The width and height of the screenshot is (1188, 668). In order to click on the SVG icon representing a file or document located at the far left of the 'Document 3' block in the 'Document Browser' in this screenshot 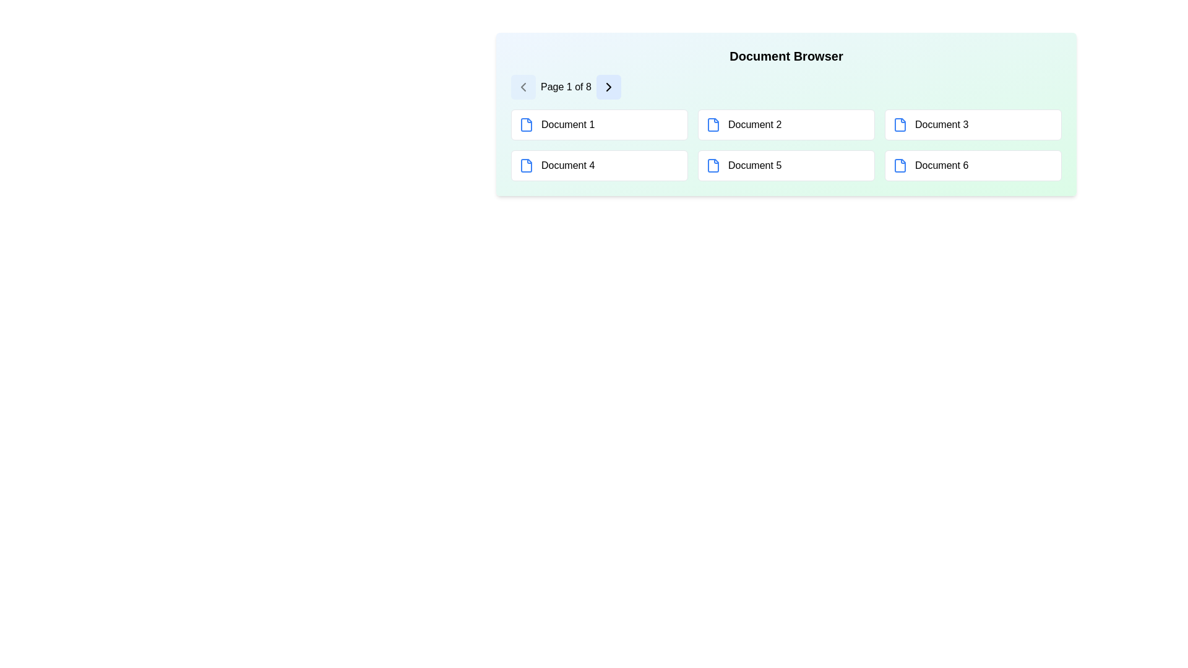, I will do `click(900, 124)`.